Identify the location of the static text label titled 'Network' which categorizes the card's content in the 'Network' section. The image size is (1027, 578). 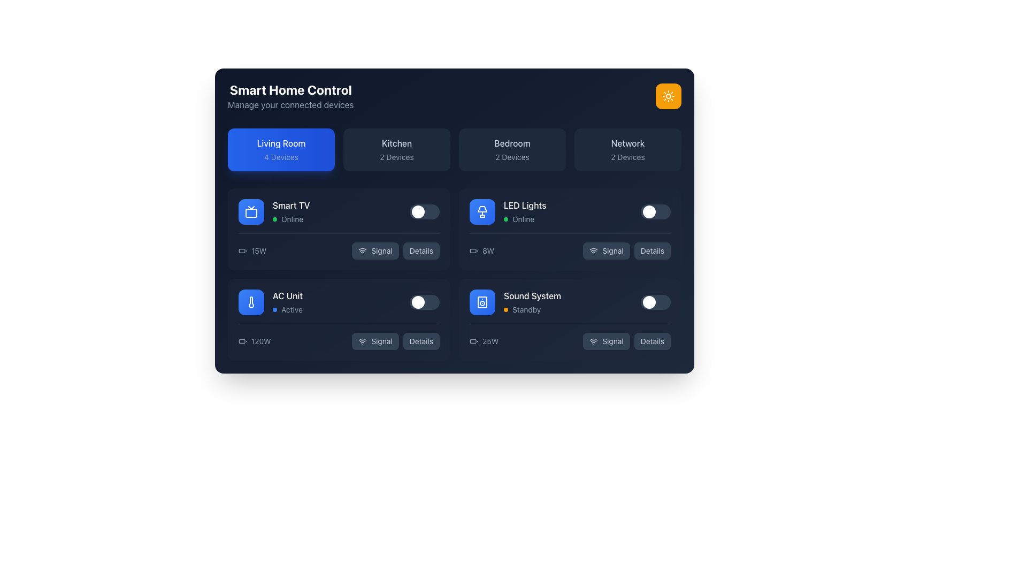
(628, 142).